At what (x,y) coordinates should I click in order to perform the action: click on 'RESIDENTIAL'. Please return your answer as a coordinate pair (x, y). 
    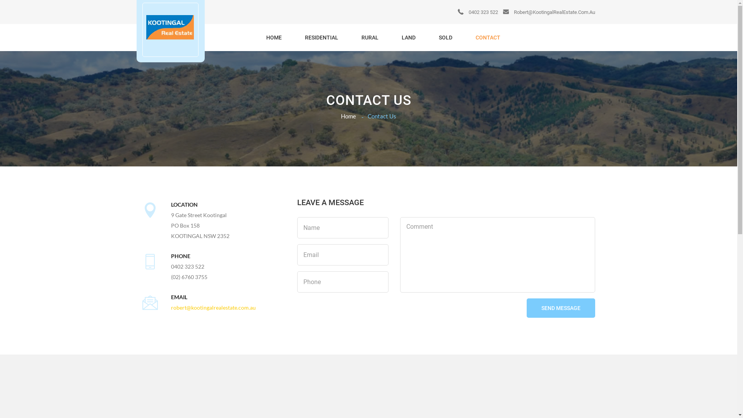
    Looking at the image, I should click on (321, 37).